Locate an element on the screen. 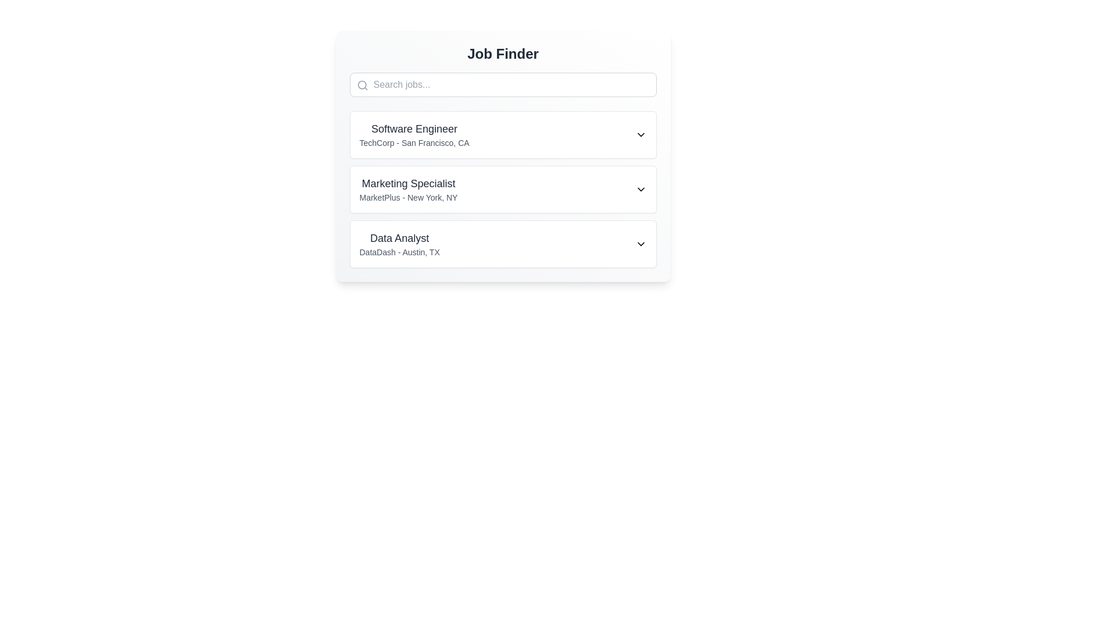 This screenshot has height=628, width=1116. the text block displaying 'Software Engineer' and 'TechCorp - San Francisco, CA', which is located at the top of job listings is located at coordinates (414, 134).